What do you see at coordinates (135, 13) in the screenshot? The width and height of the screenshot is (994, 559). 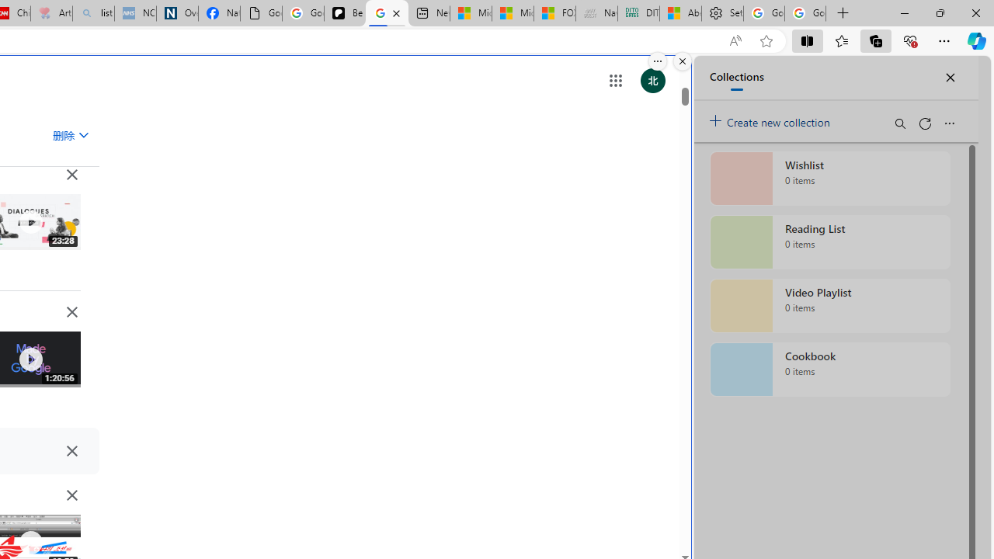 I see `'NCL Adult Asthma Inhaler Choice Guideline - Sleeping'` at bounding box center [135, 13].